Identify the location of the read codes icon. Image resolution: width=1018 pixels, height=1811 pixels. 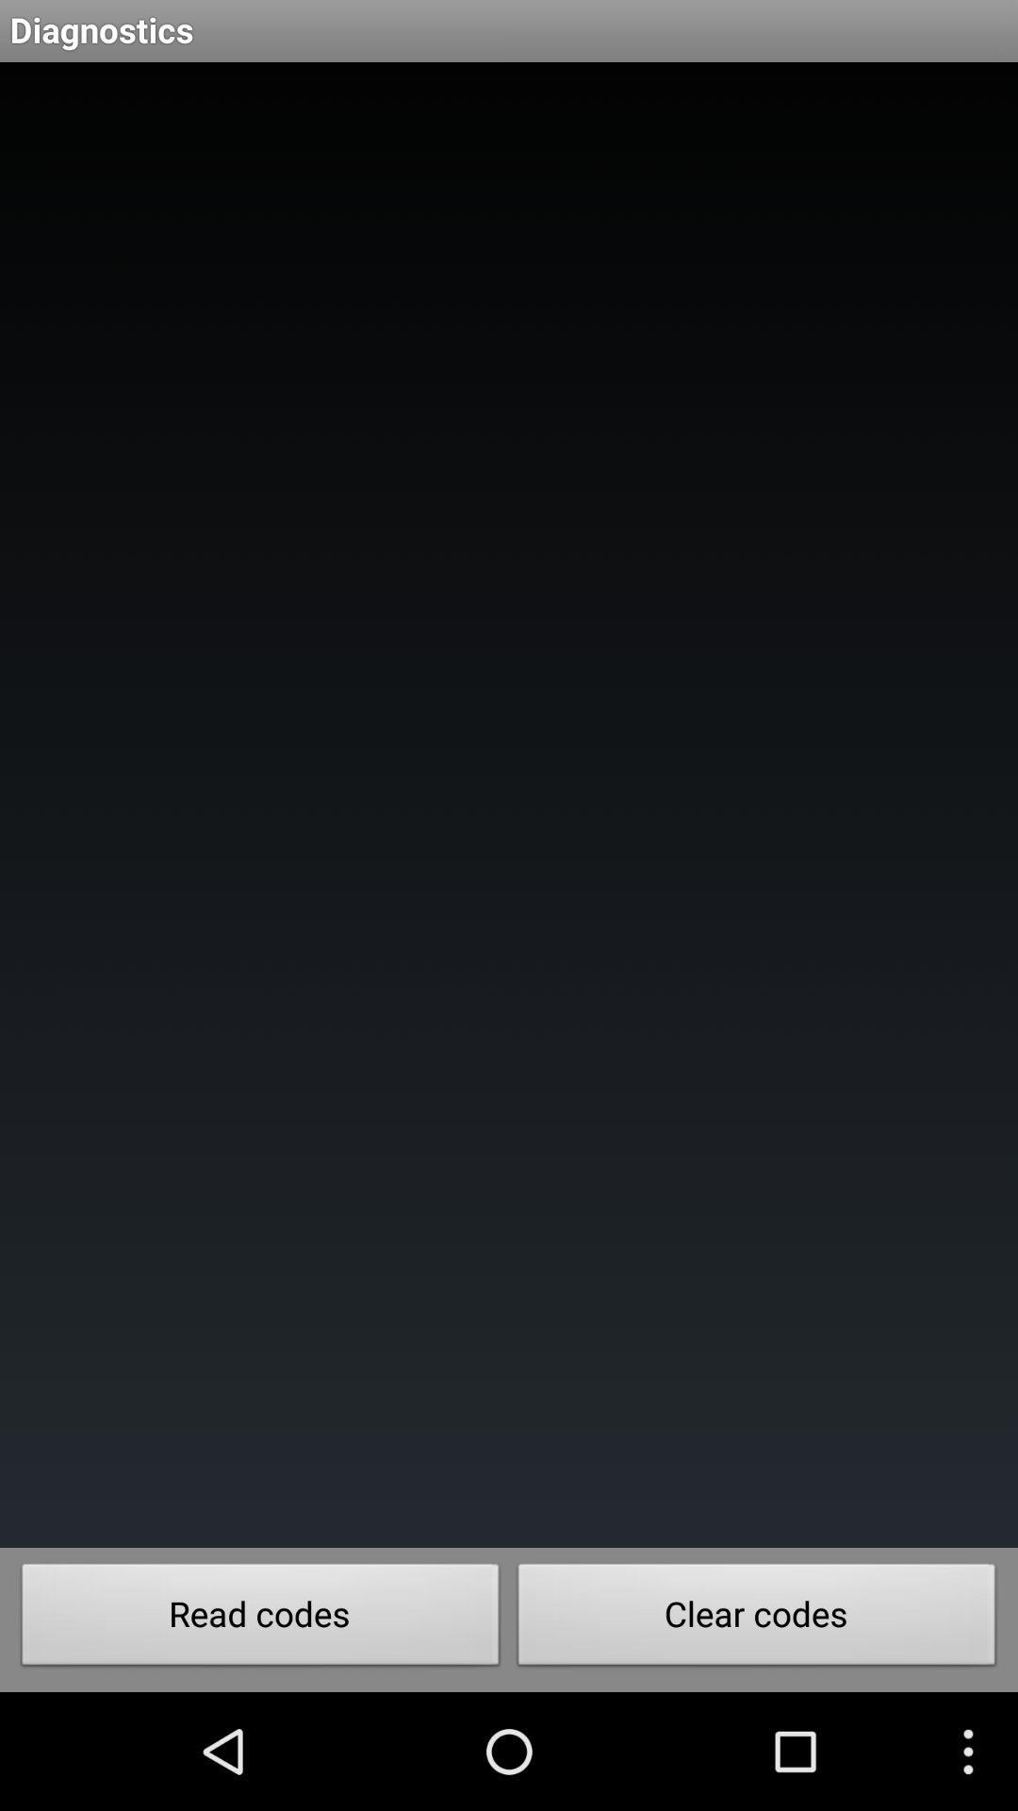
(260, 1619).